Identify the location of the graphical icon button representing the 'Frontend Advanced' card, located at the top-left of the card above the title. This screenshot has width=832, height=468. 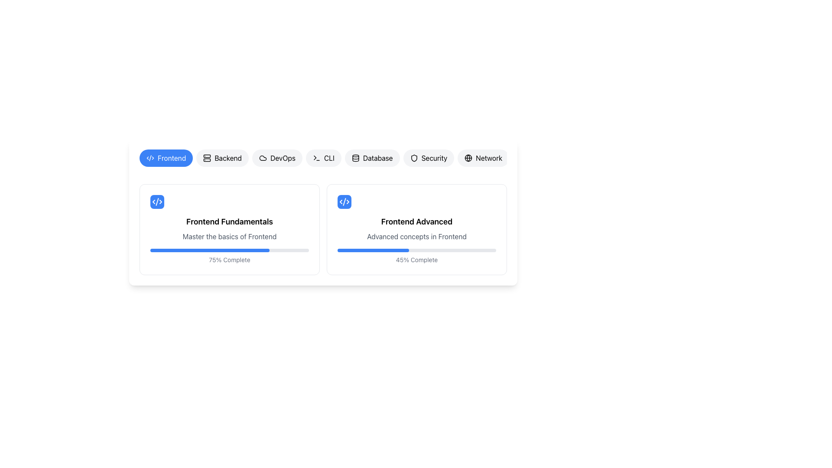
(344, 202).